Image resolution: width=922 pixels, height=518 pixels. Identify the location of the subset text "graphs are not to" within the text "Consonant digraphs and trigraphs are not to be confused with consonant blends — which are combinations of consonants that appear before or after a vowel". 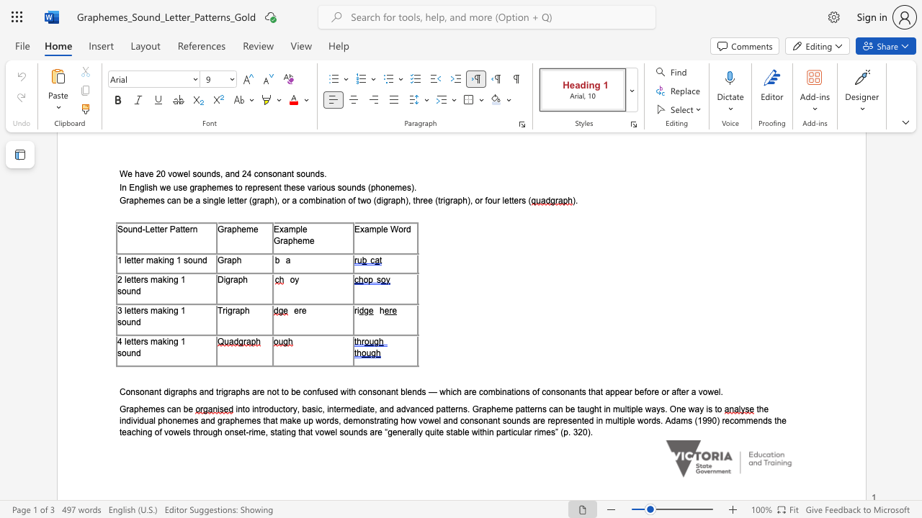
(223, 391).